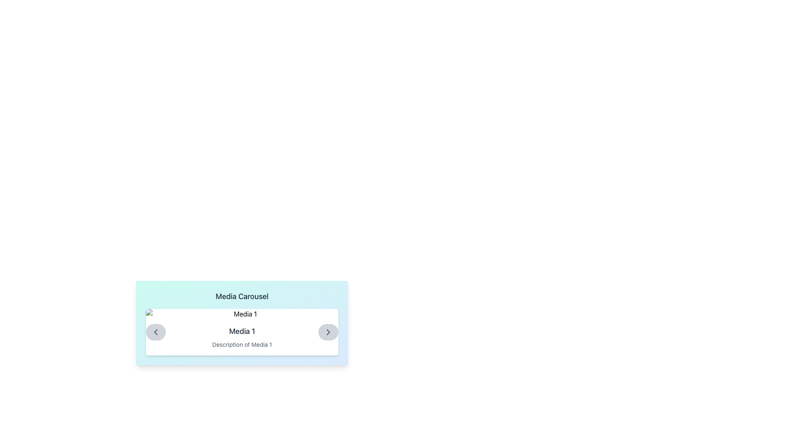 The image size is (796, 448). I want to click on the media thumbnail labeled 'Media 1' within the 'Media Carousel', so click(242, 323).